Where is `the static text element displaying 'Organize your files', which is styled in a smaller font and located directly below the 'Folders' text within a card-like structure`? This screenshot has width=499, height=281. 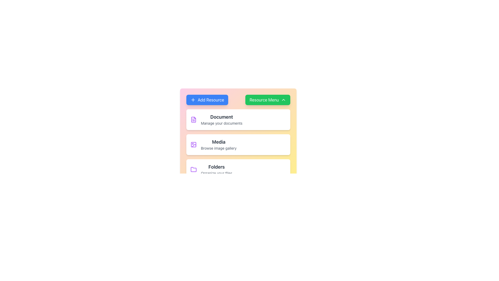
the static text element displaying 'Organize your files', which is styled in a smaller font and located directly below the 'Folders' text within a card-like structure is located at coordinates (216, 173).